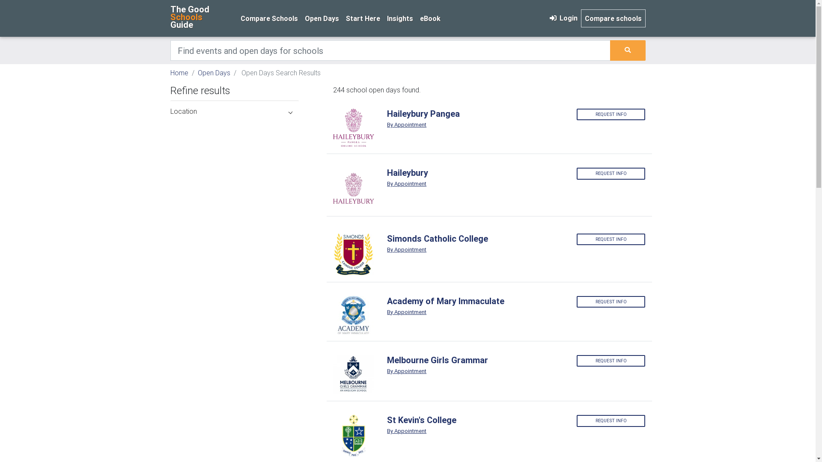  I want to click on 'Open Days', so click(322, 18).